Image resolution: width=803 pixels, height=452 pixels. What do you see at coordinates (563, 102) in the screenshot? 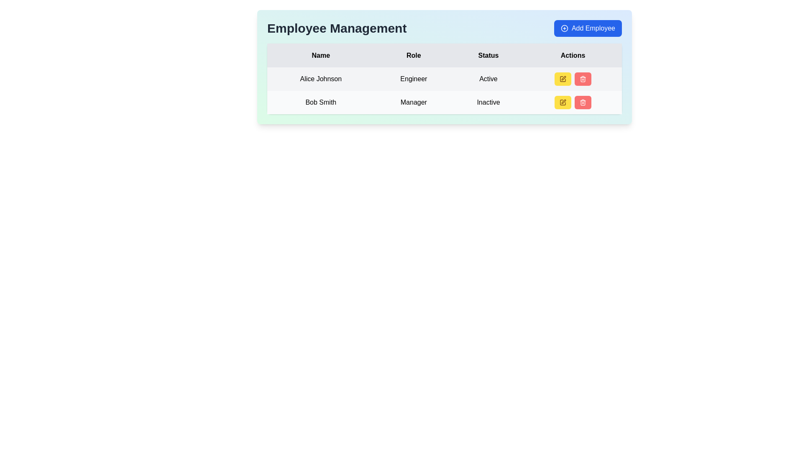
I see `the small, square-shaped icon button with a pen symbol, located in the 'Actions' column of the second row for 'Bob Smith' in the employee data table` at bounding box center [563, 102].